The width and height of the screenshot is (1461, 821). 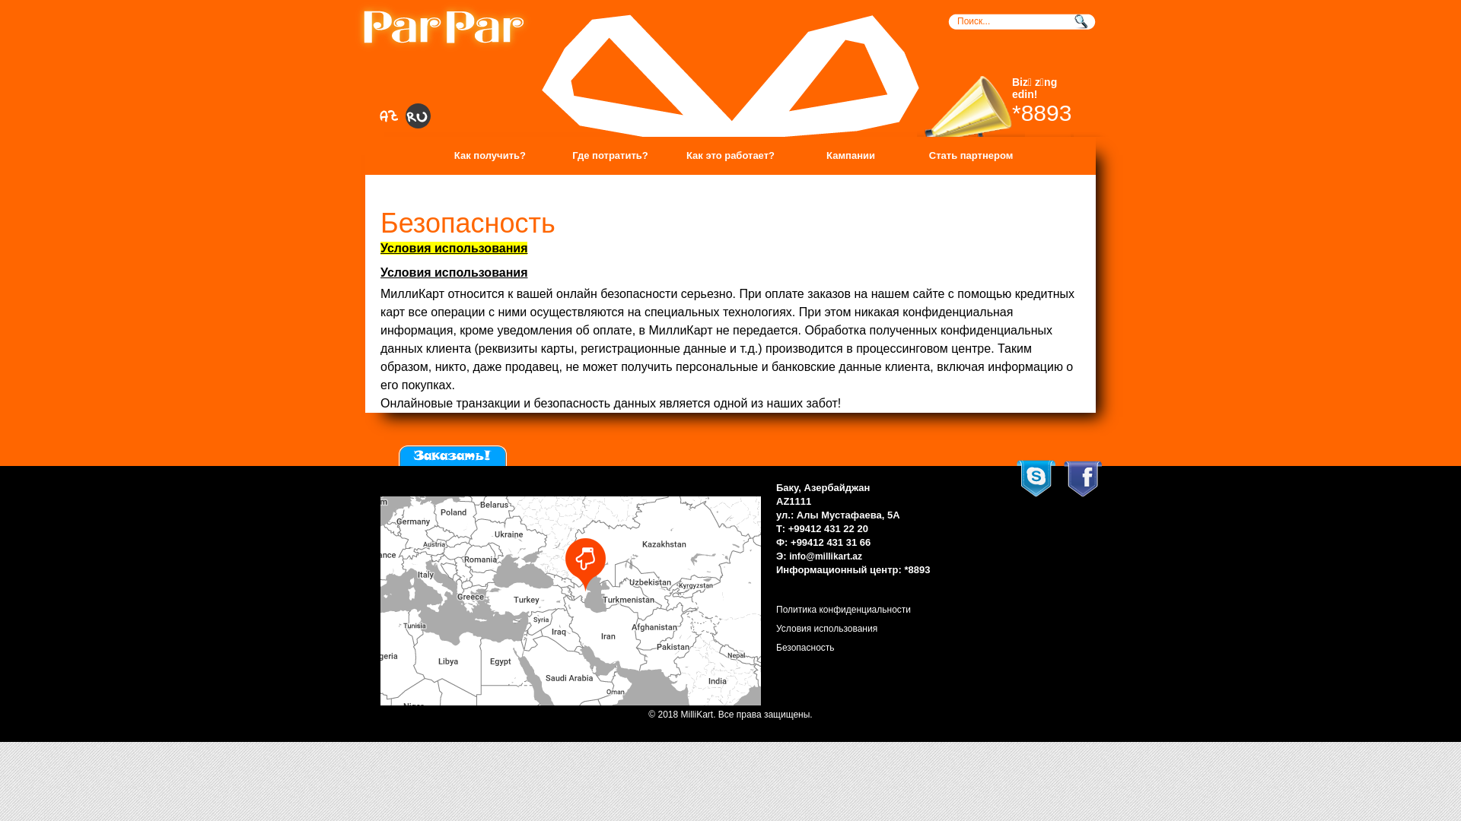 What do you see at coordinates (1035, 477) in the screenshot?
I see `'Skype'` at bounding box center [1035, 477].